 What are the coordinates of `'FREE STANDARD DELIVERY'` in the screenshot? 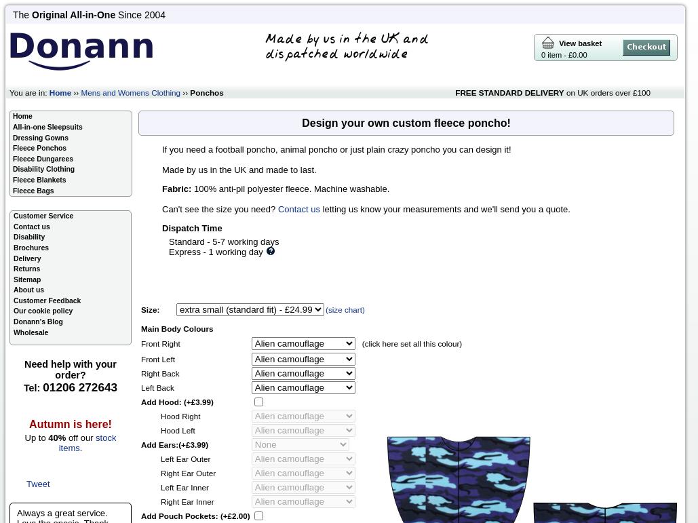 It's located at (509, 92).